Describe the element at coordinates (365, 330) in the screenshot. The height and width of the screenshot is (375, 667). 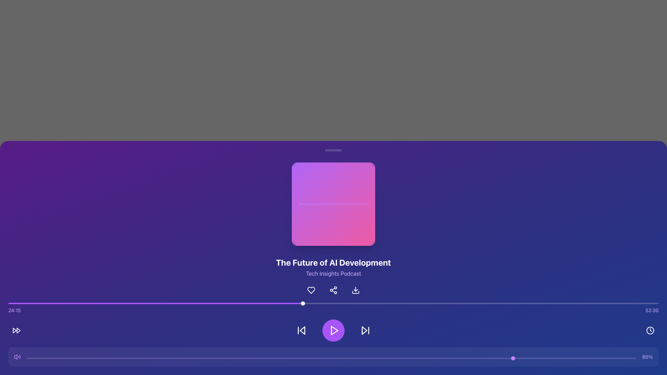
I see `the skip forward icon button located at the bottom center of the interface, specifically to the right of the central play button` at that location.